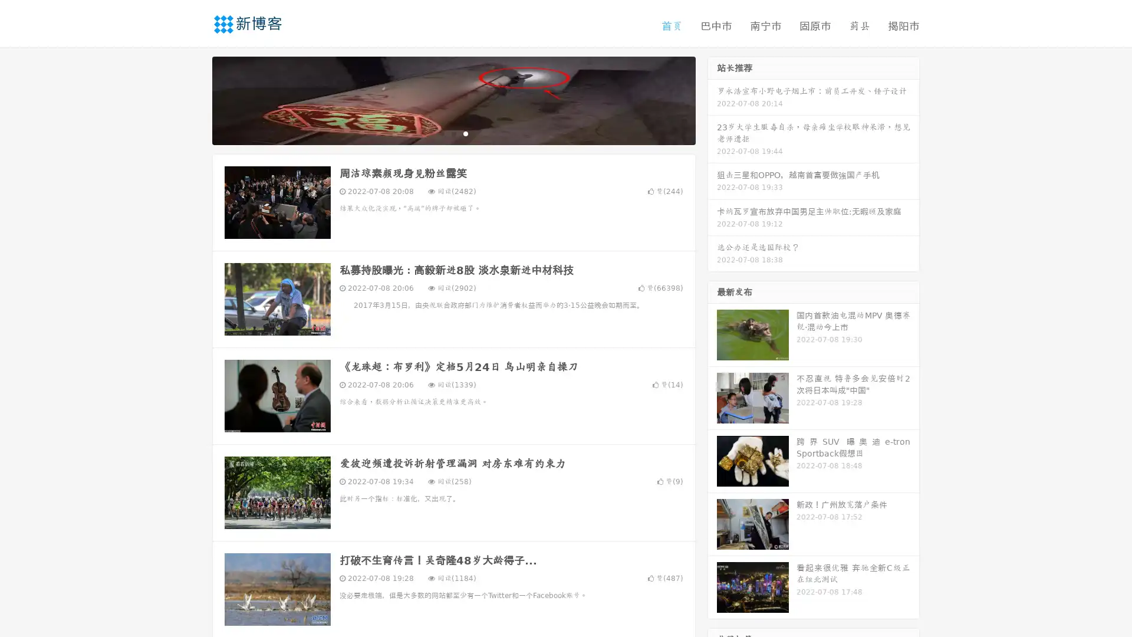 This screenshot has height=637, width=1132. What do you see at coordinates (441, 133) in the screenshot?
I see `Go to slide 1` at bounding box center [441, 133].